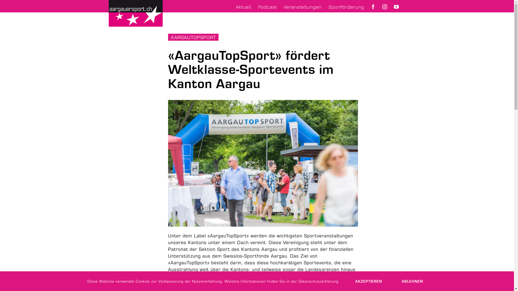  Describe the element at coordinates (257, 7) in the screenshot. I see `'Podcast'` at that location.